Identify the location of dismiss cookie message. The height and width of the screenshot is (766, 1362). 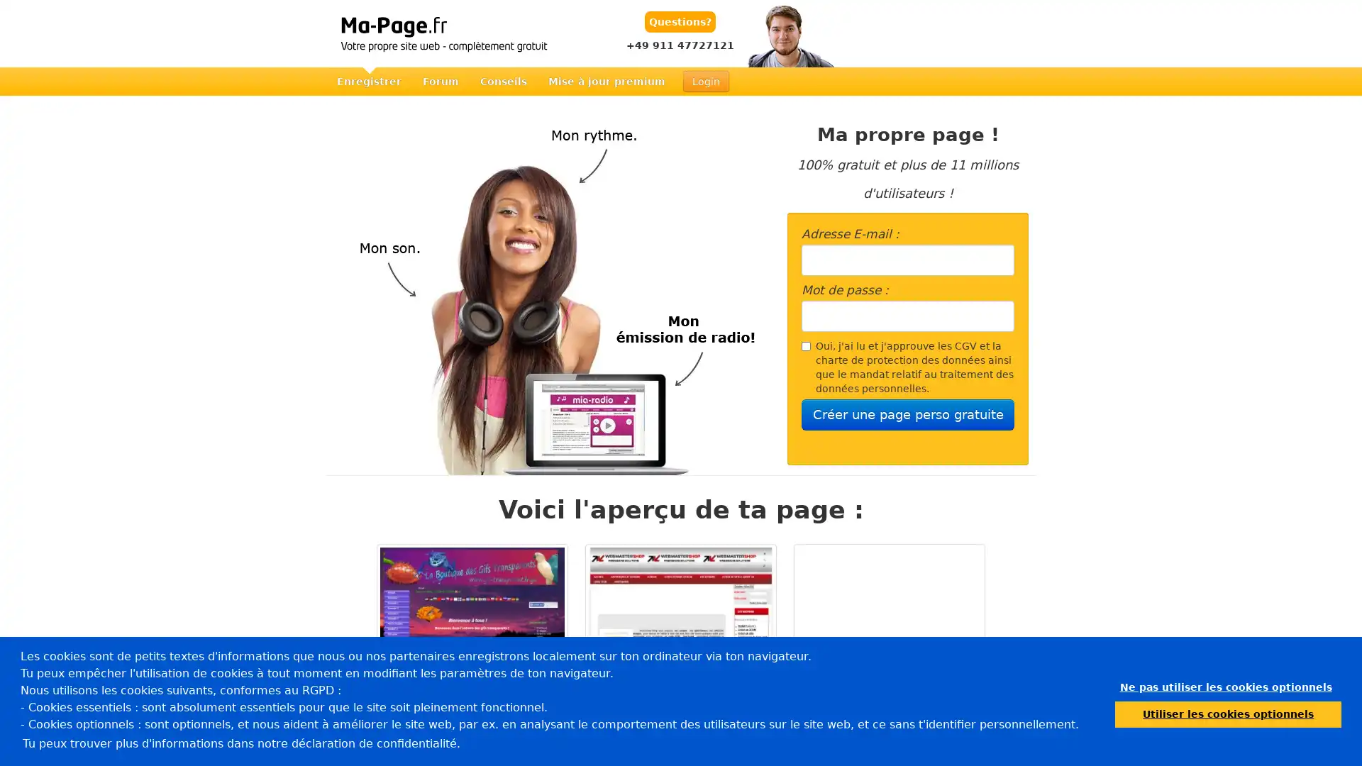
(1225, 687).